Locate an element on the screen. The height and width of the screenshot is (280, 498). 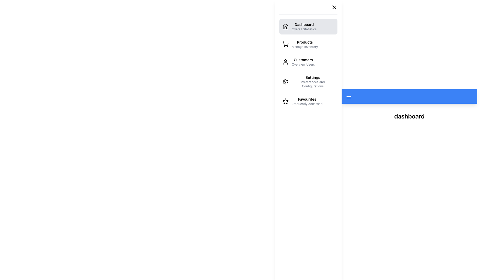
the Products icon in the vertical menu on the left sidebar, which serves as an indicative icon for the Products section is located at coordinates (285, 44).